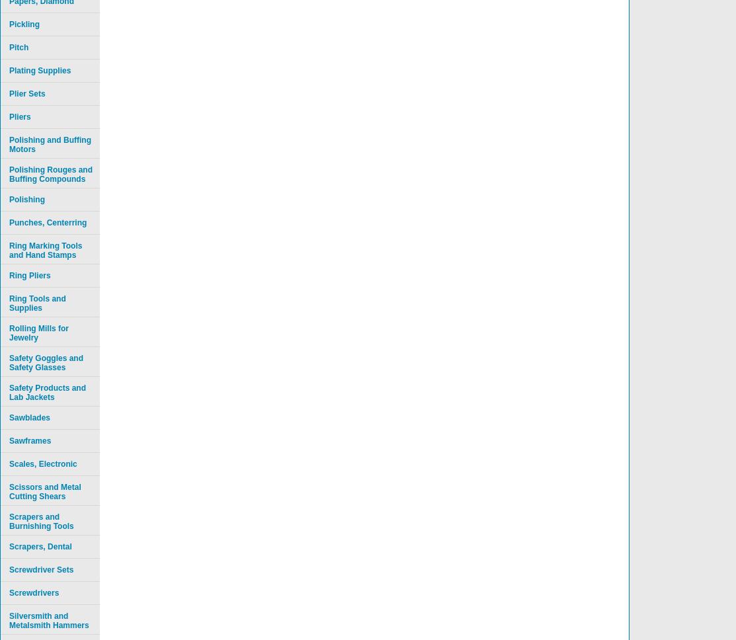 The height and width of the screenshot is (640, 736). Describe the element at coordinates (19, 47) in the screenshot. I see `'Pitch'` at that location.